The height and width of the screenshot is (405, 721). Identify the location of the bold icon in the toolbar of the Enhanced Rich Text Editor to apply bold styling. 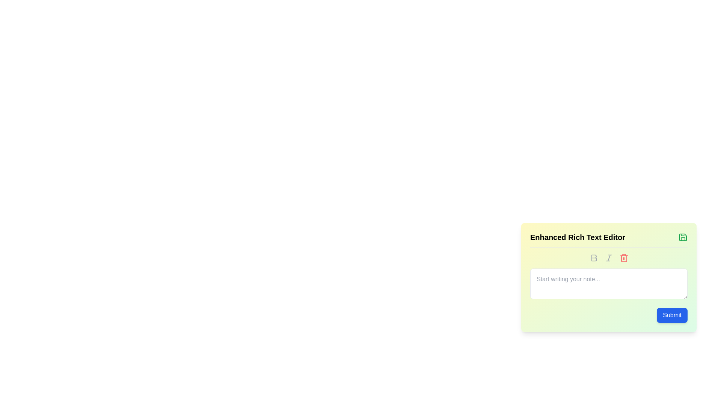
(594, 257).